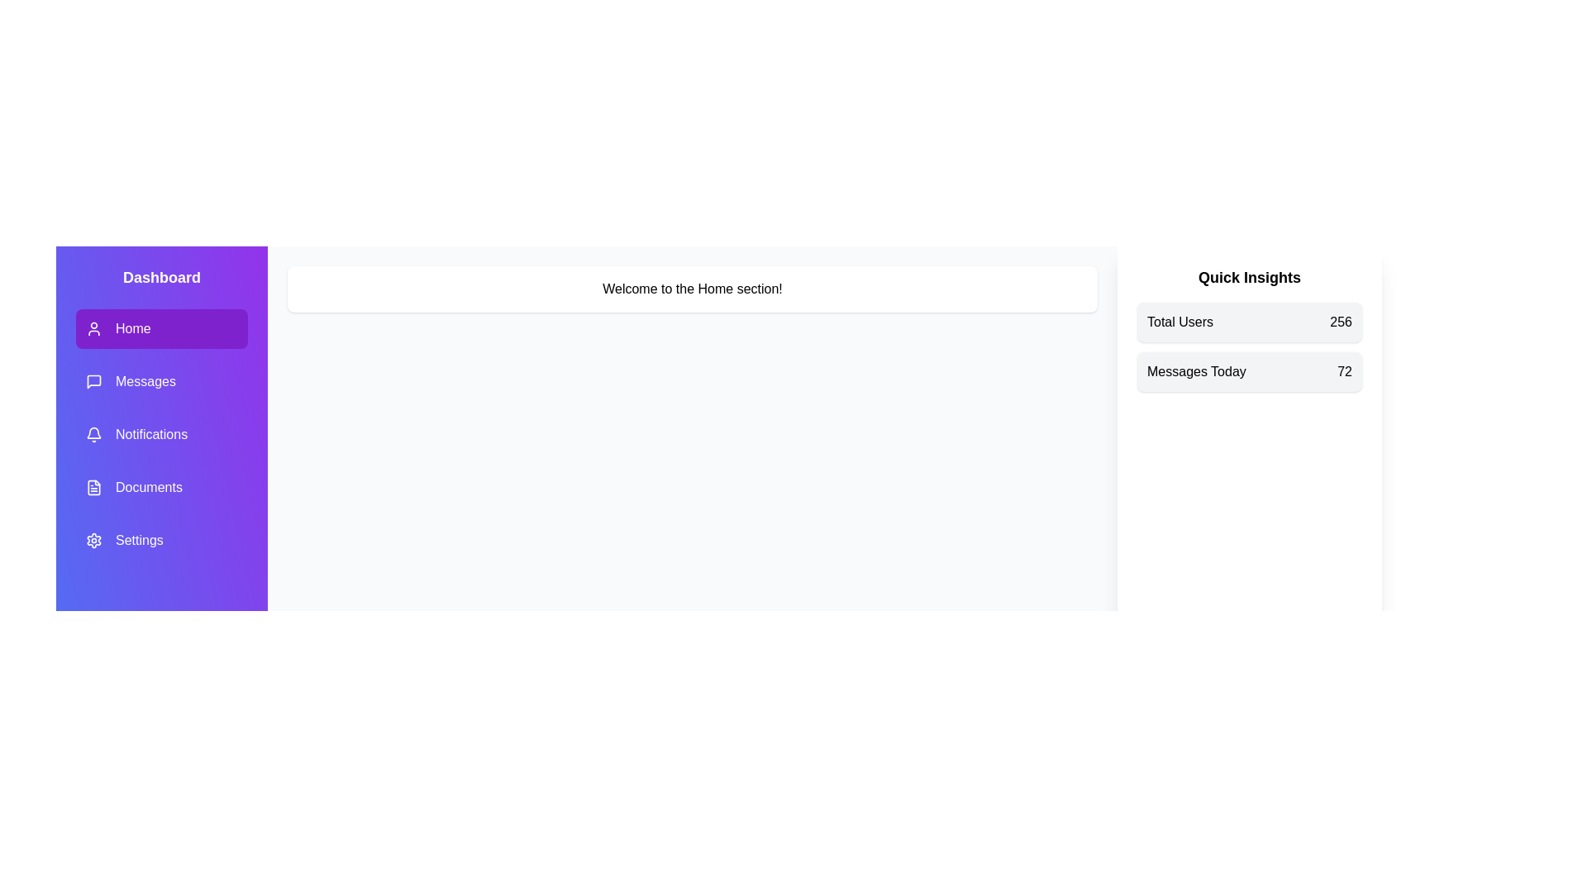  I want to click on the 'Documents' button, which is the fourth item in the vertically aligned navigation menu on the left pane, styled with a purple background and featuring a file icon on the left, so click(162, 487).